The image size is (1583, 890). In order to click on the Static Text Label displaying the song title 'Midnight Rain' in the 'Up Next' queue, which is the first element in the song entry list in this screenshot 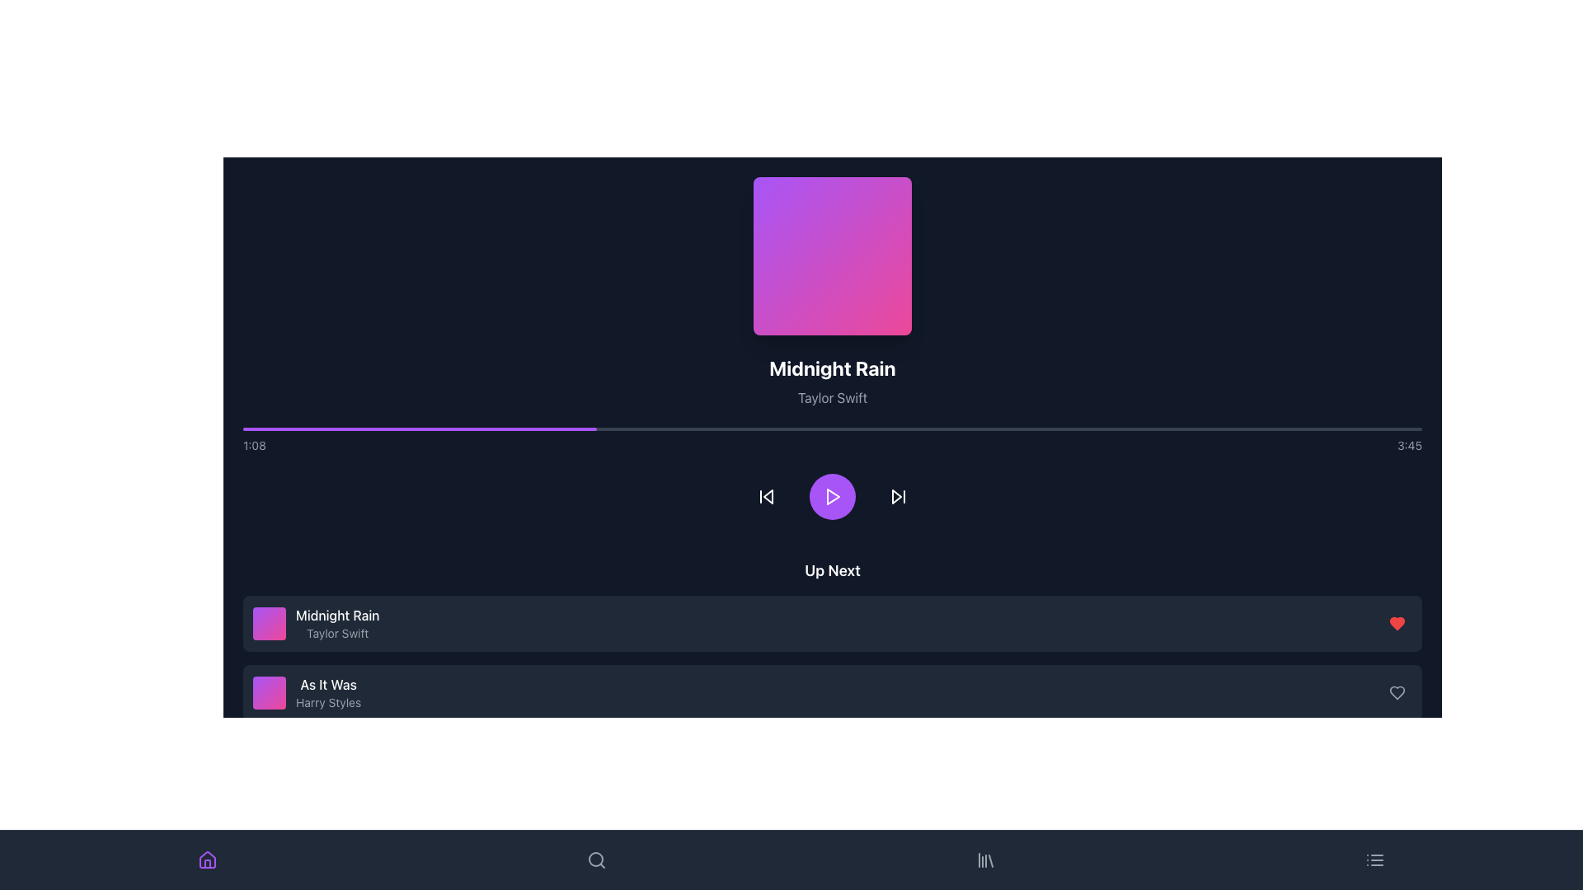, I will do `click(336, 616)`.